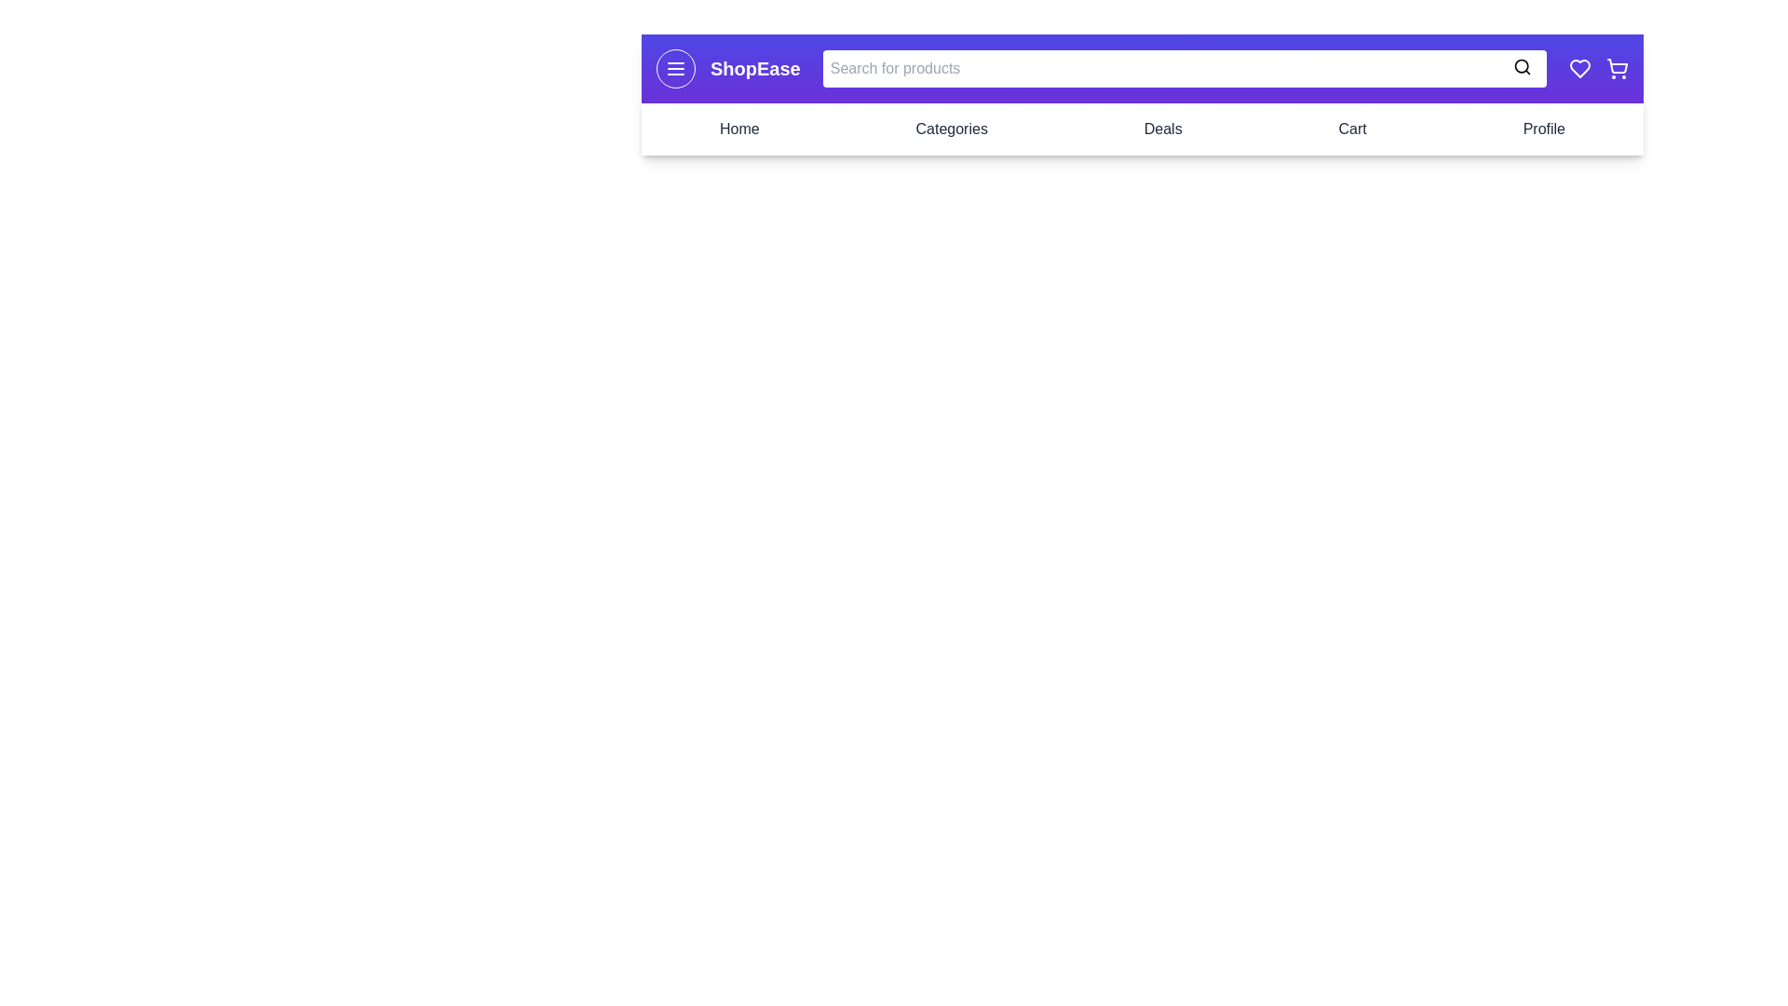  I want to click on the navigation link Categories to navigate to the respective section, so click(952, 128).